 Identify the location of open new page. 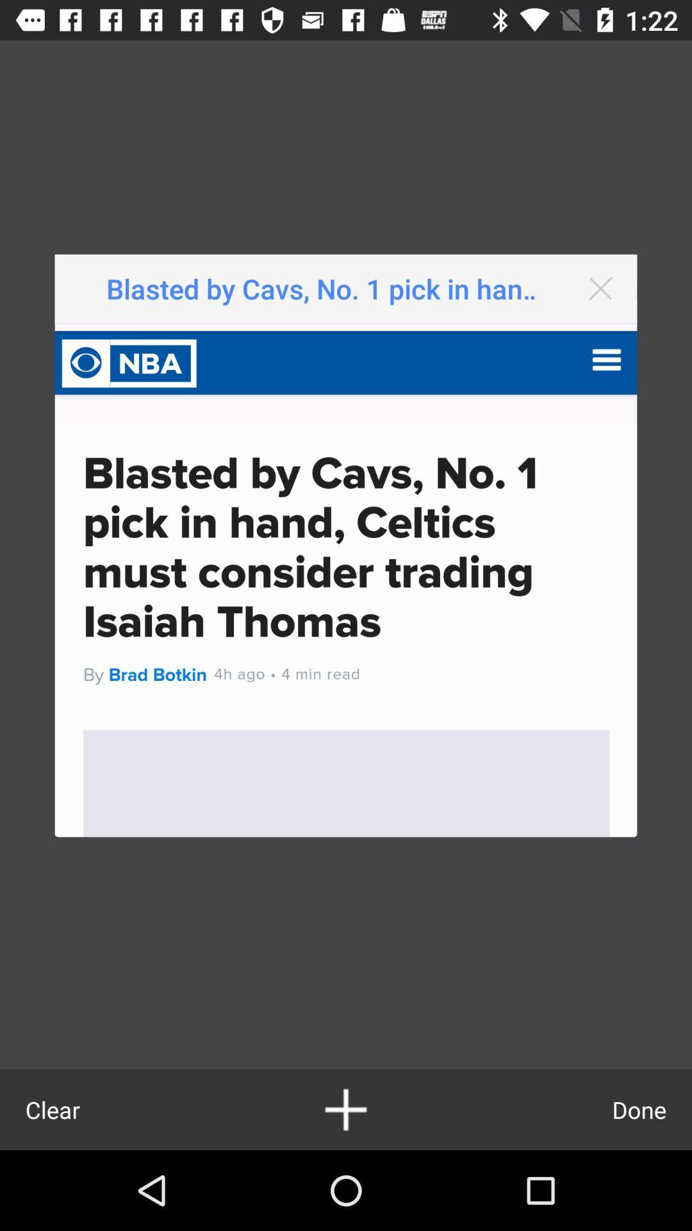
(346, 1109).